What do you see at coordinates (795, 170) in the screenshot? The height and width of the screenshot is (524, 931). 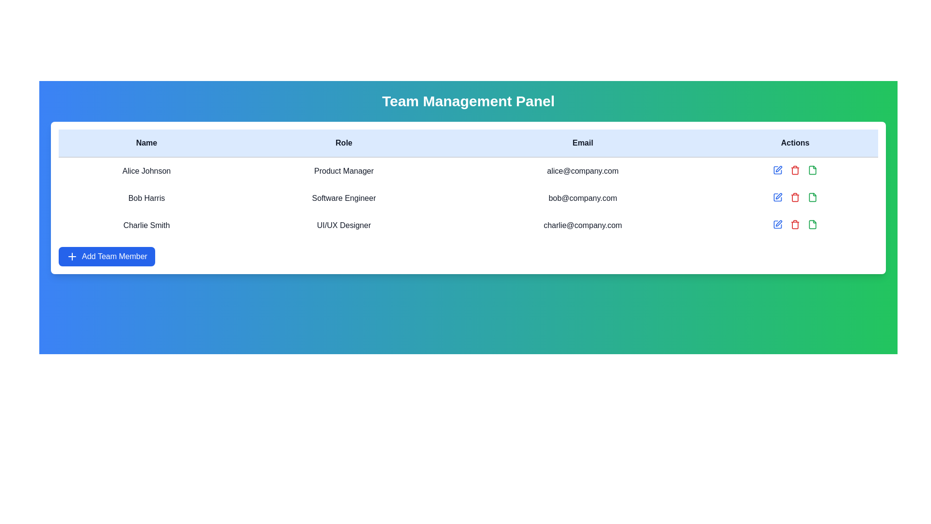 I see `the delete button located as the third icon in the row of action buttons in the second row of the table, positioned between the blue pencil icon for edit and the green copy icon` at bounding box center [795, 170].